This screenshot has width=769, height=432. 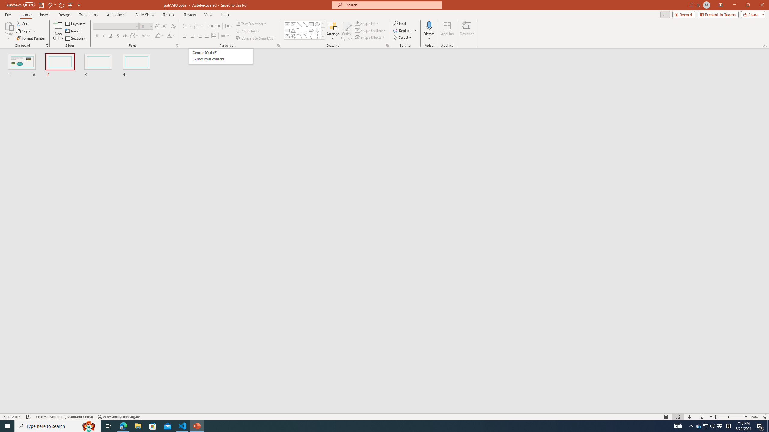 I want to click on 'Shape Fill Aqua, Accent 2', so click(x=357, y=23).